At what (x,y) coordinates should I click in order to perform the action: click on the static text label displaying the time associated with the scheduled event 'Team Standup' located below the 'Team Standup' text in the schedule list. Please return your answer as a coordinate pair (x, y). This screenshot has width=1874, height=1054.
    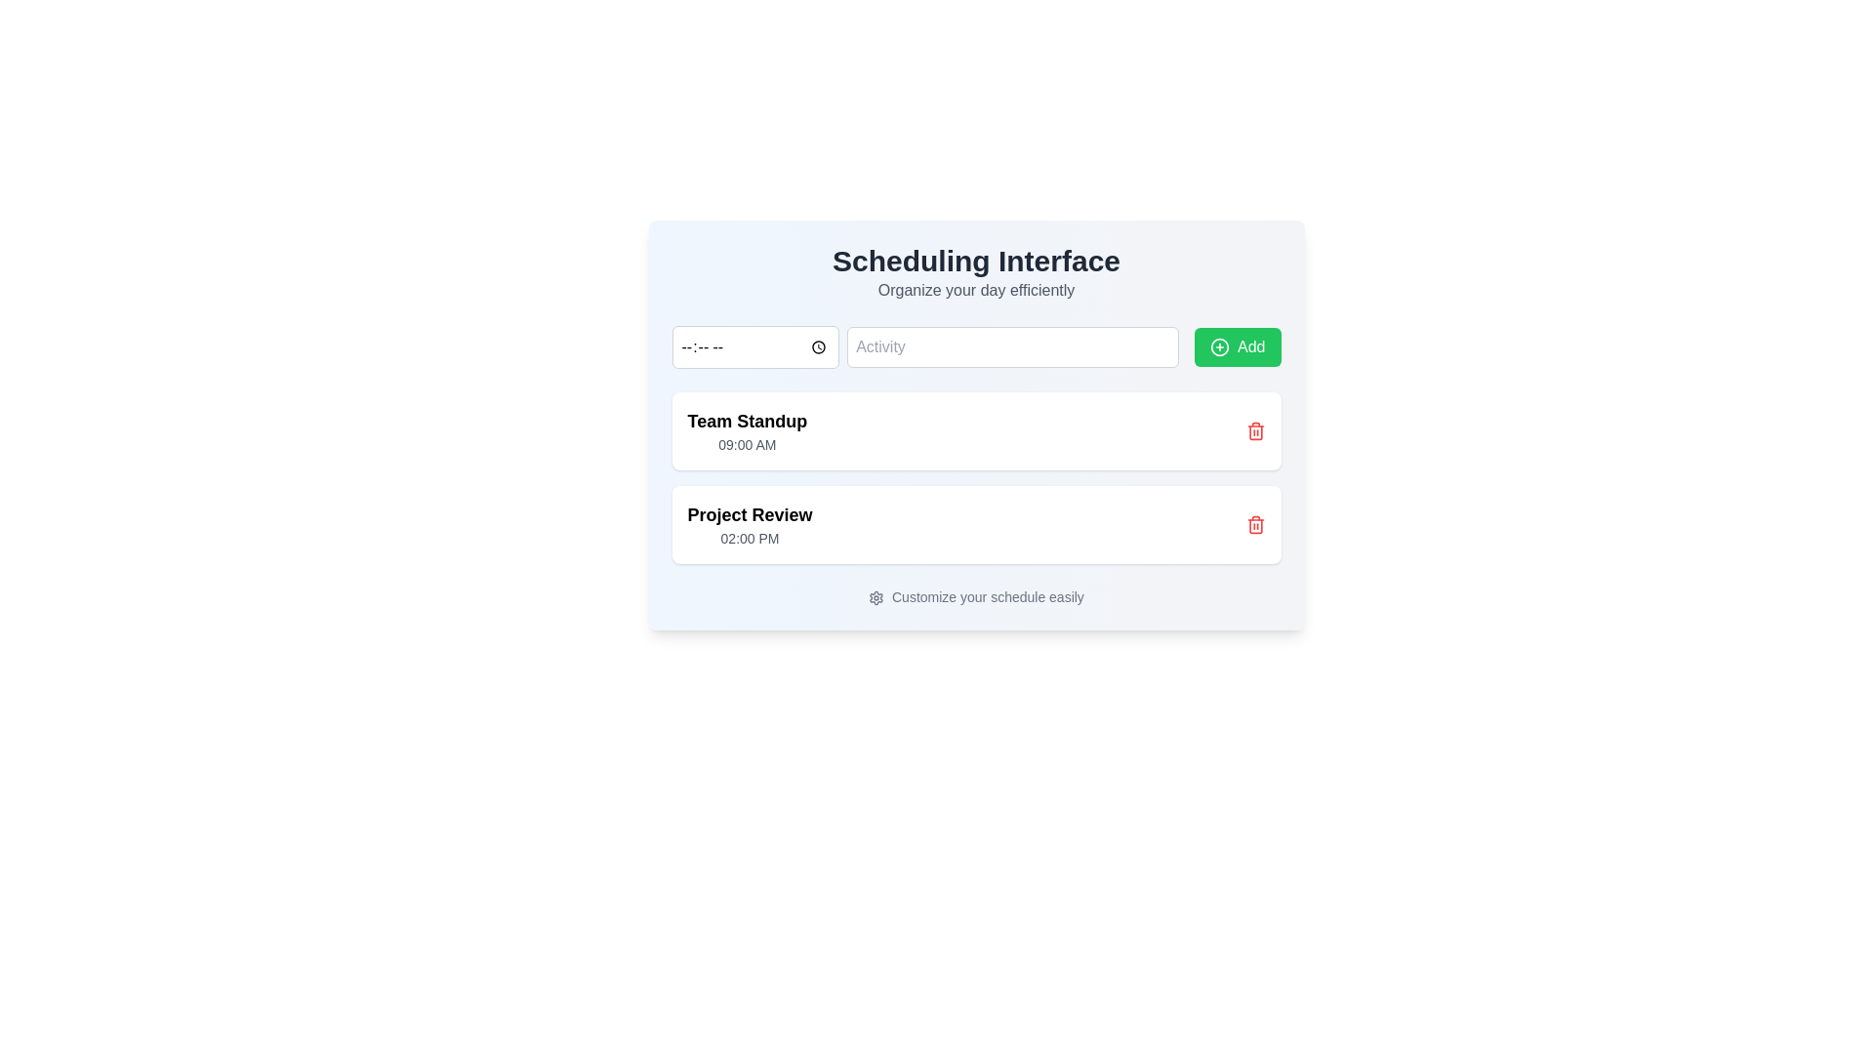
    Looking at the image, I should click on (746, 444).